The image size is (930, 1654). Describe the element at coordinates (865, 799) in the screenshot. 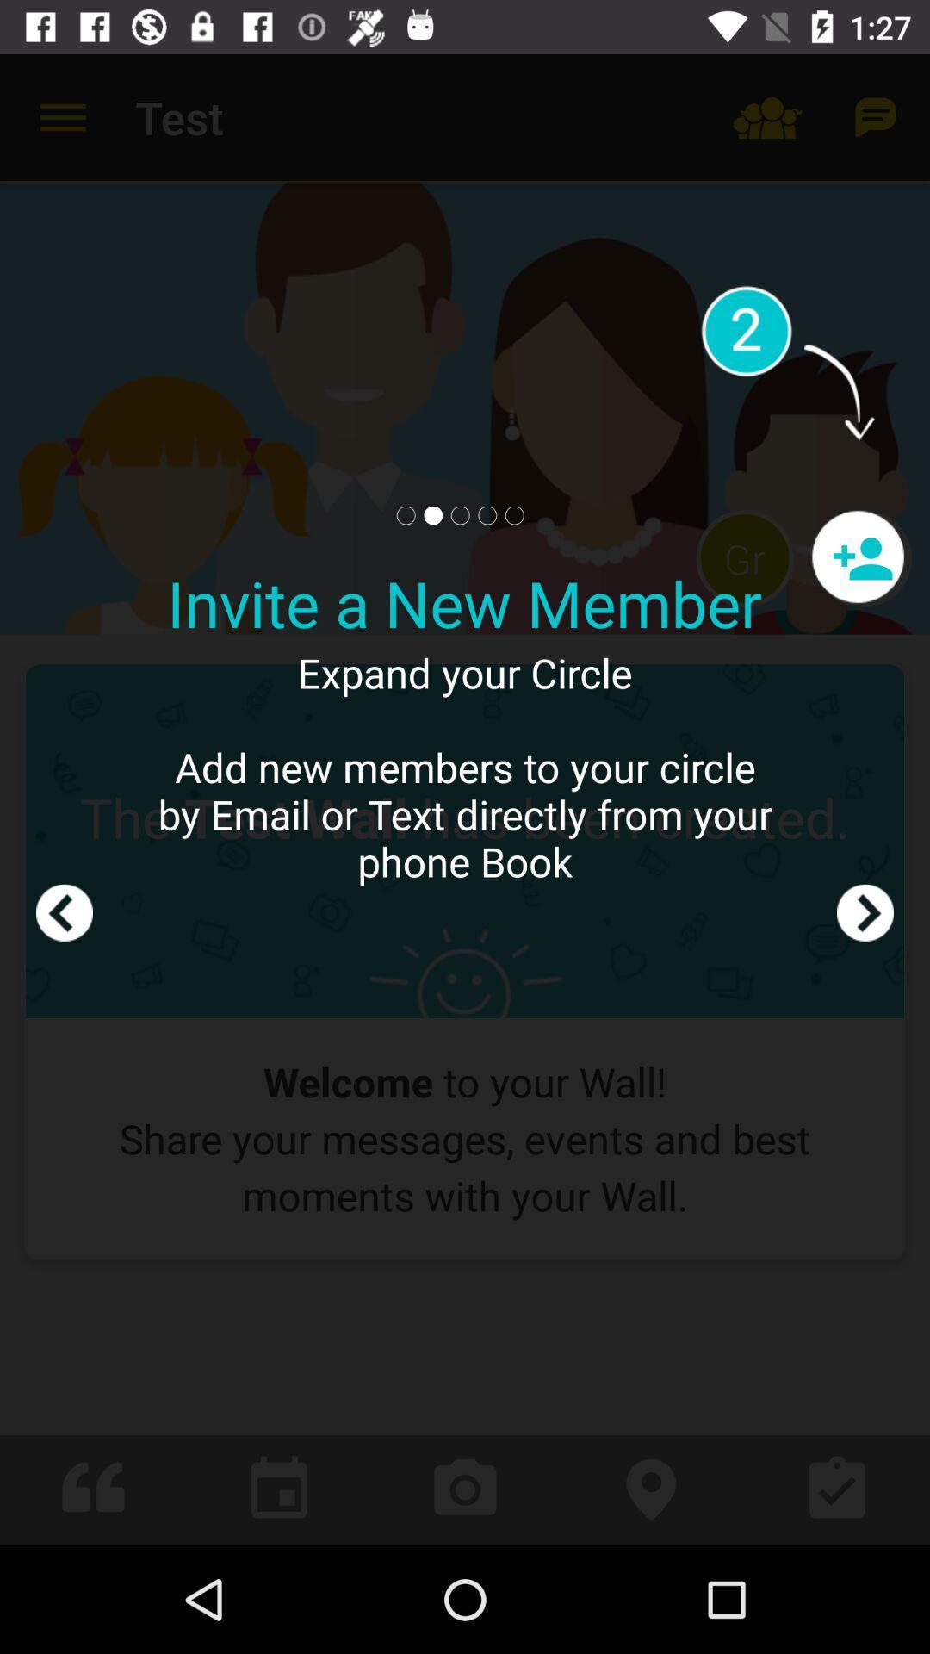

I see `next slide` at that location.